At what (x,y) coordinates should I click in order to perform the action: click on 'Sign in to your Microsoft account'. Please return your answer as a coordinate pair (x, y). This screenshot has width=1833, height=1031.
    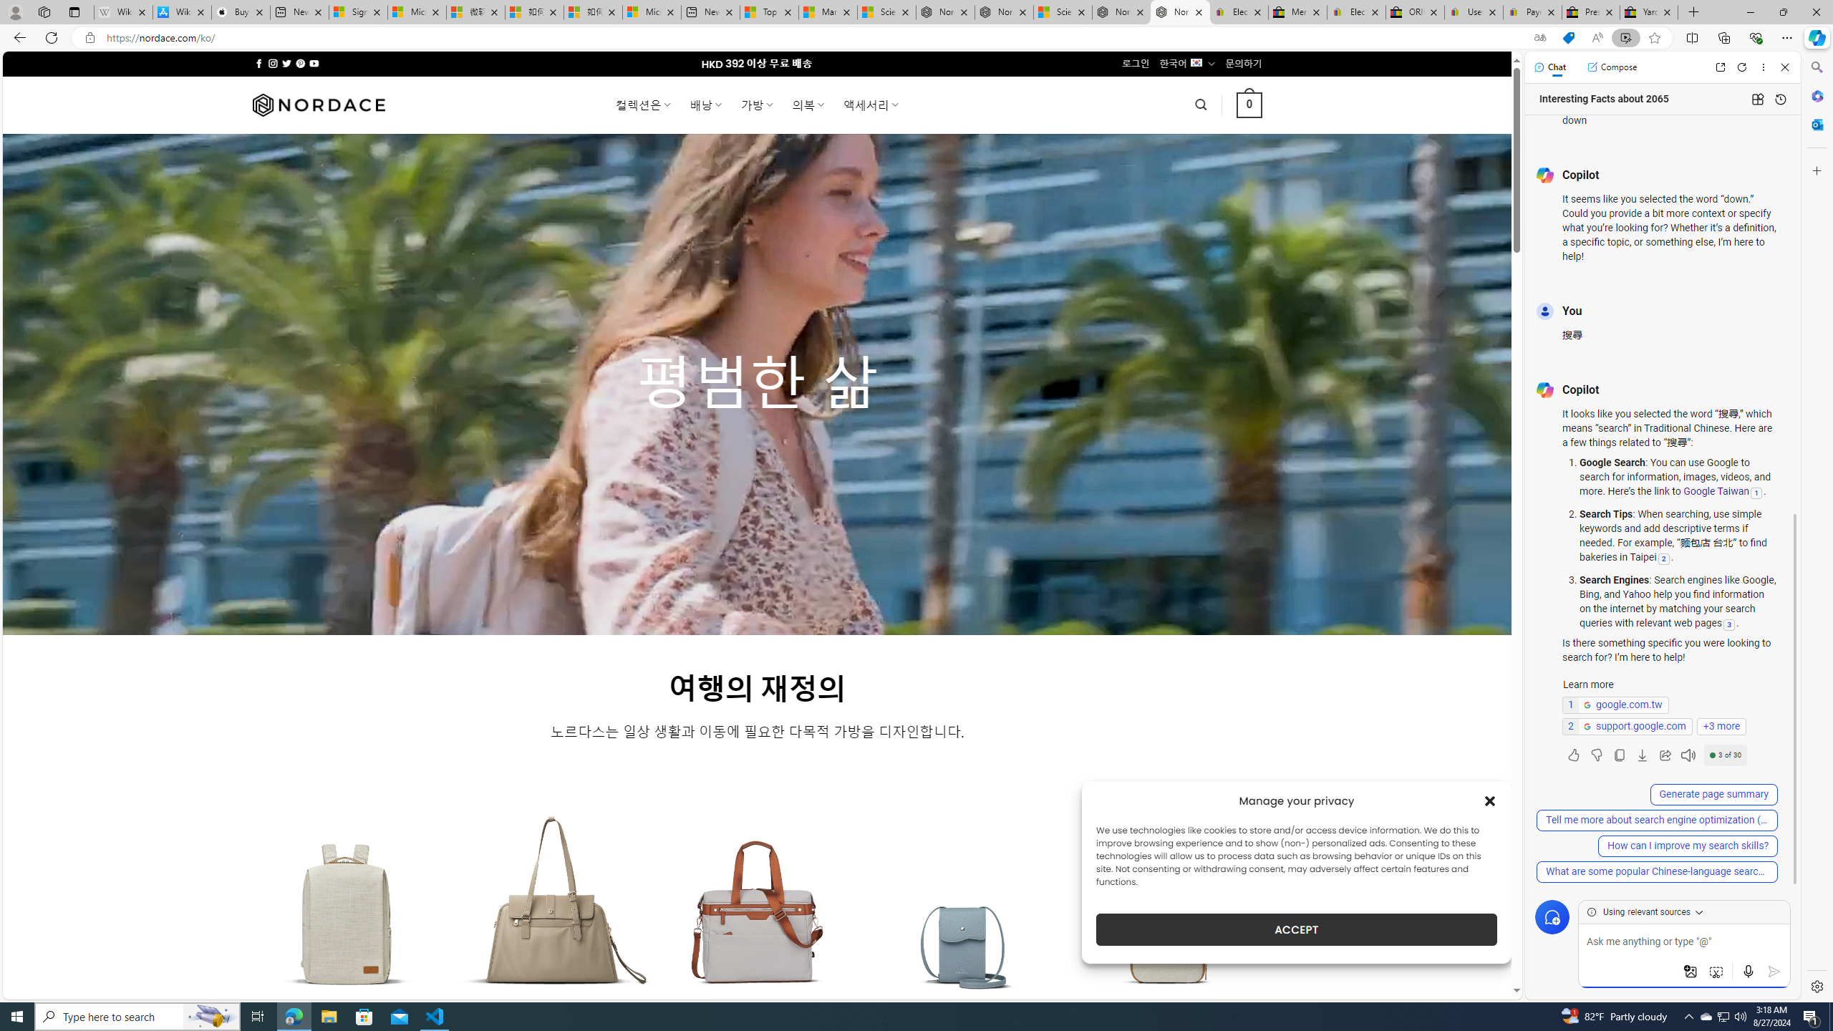
    Looking at the image, I should click on (358, 11).